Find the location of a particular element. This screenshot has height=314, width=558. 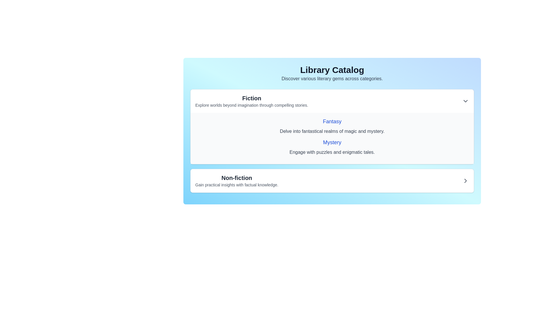

the 'Non-fiction' category label is located at coordinates (237, 180).